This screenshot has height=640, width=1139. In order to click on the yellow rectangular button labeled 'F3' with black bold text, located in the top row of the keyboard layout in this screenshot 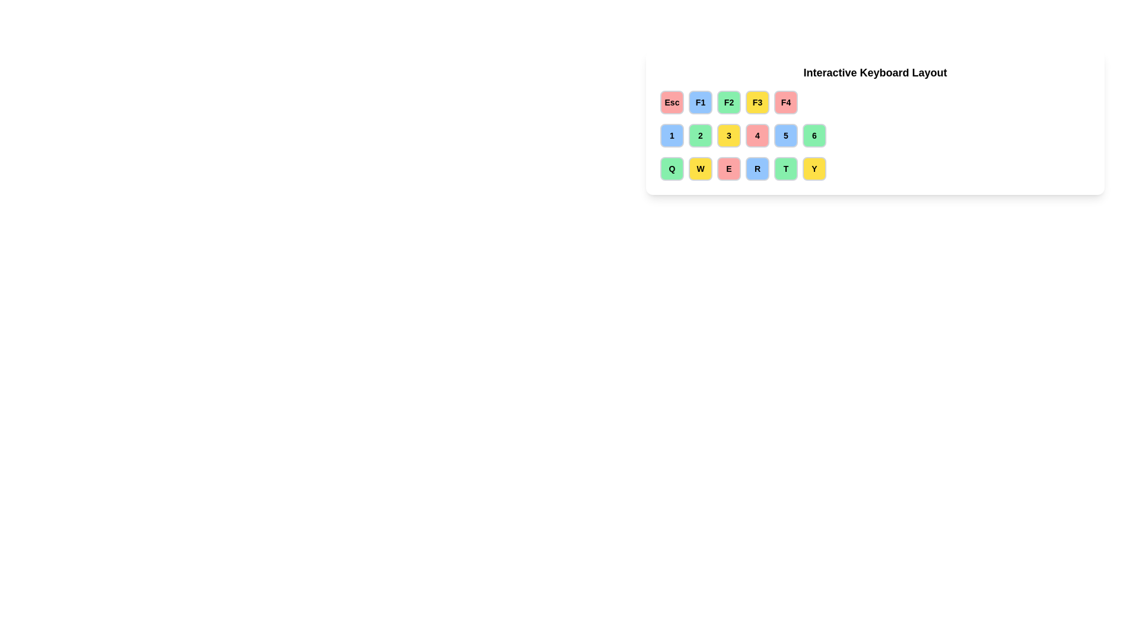, I will do `click(756, 102)`.